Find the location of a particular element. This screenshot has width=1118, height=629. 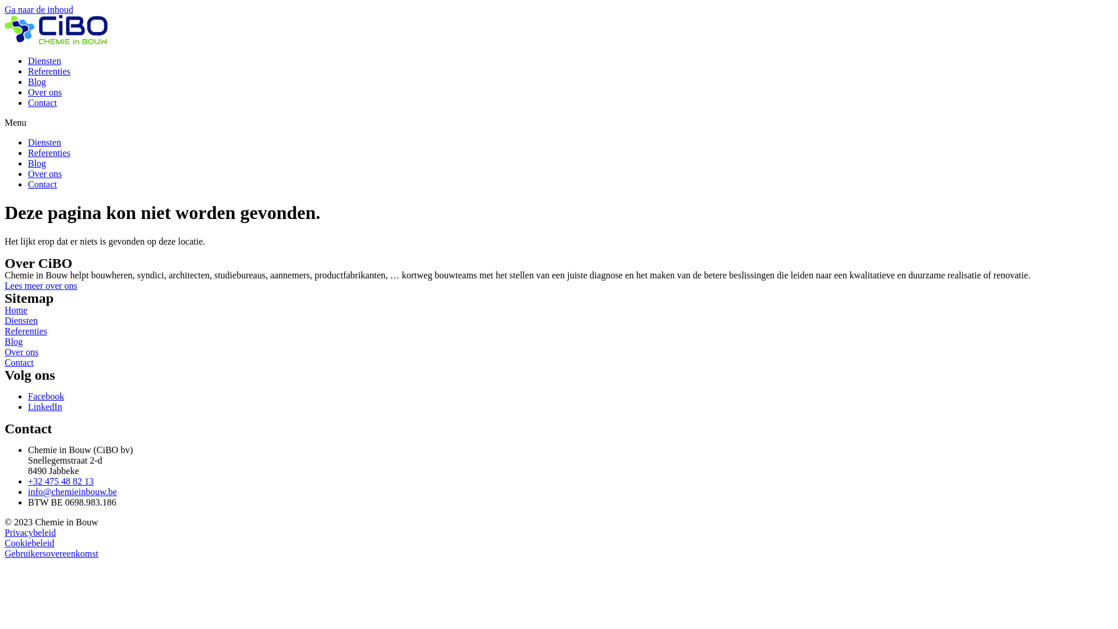

'Lees meer over ons' is located at coordinates (41, 285).